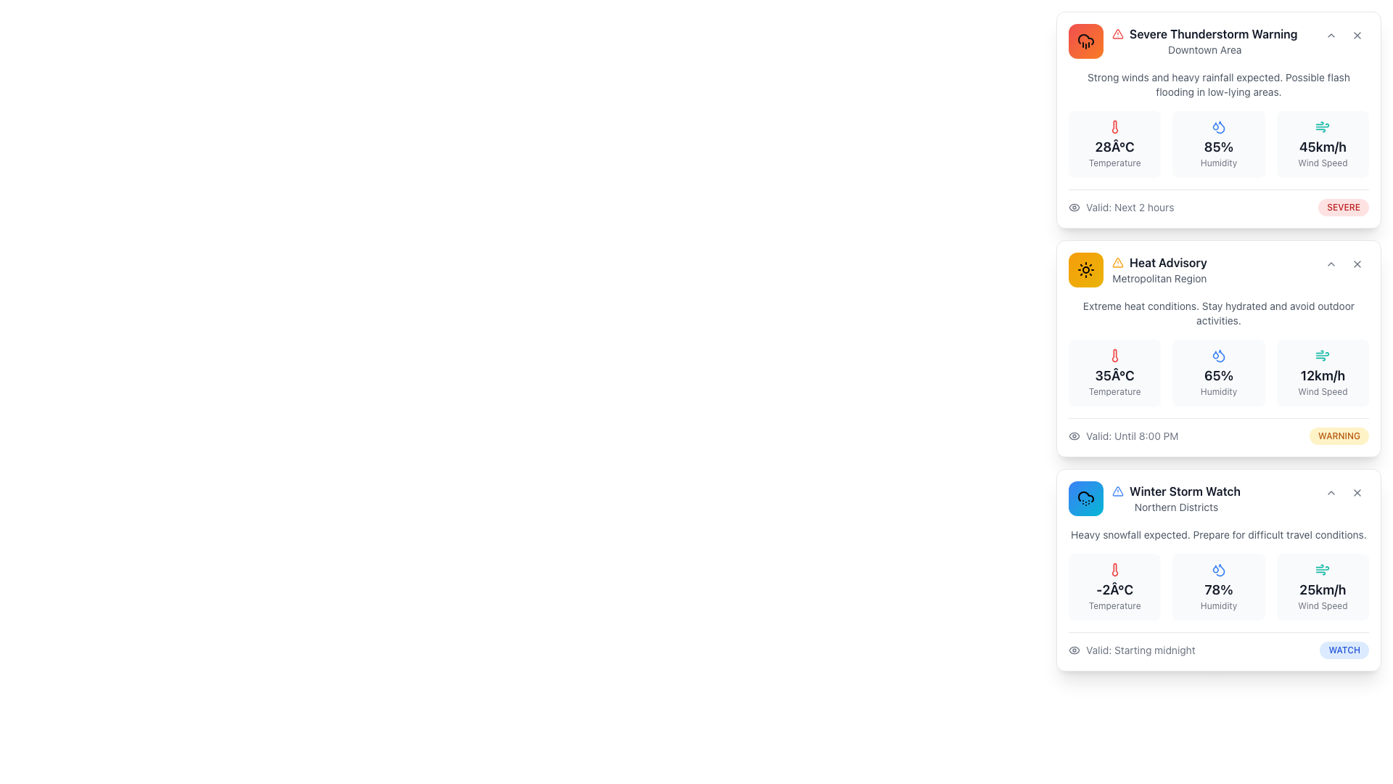  I want to click on temperature value displayed in the text label located in the second weather-related card, positioned beneath the thermometer icon and above the 'Temperature' label, so click(1114, 375).